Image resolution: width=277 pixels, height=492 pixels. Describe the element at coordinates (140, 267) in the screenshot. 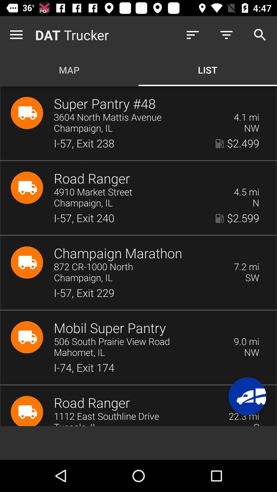

I see `the 872 cr 1000 icon` at that location.